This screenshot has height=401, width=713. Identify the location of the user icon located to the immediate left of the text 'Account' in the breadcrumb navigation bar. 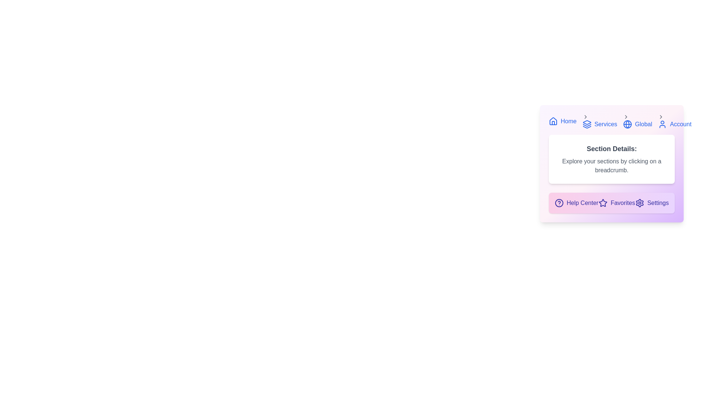
(662, 124).